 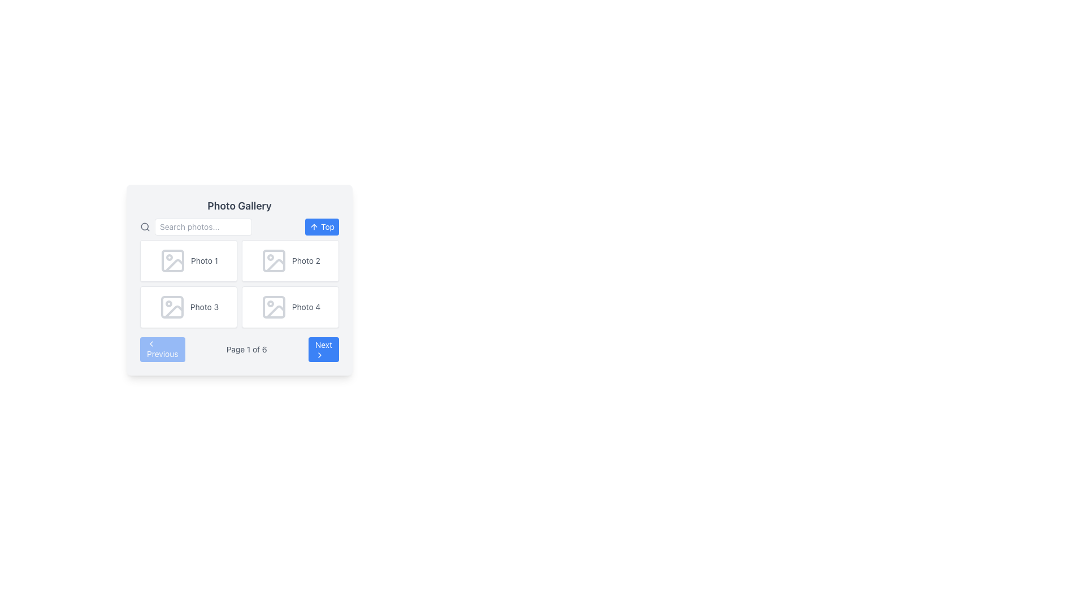 I want to click on the 'Next' button containing the chevron-right icon to proceed to the next page, so click(x=319, y=354).